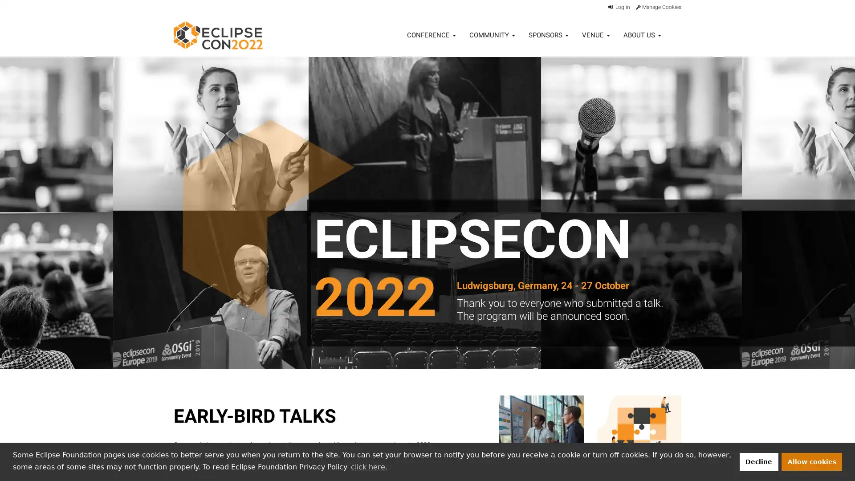 The height and width of the screenshot is (481, 855). I want to click on allow cookies, so click(812, 461).